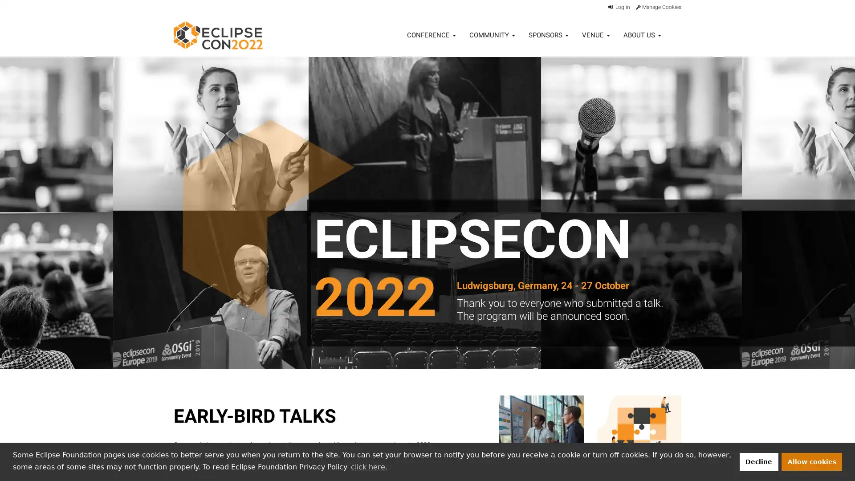 The height and width of the screenshot is (481, 855). I want to click on allow cookies, so click(812, 461).